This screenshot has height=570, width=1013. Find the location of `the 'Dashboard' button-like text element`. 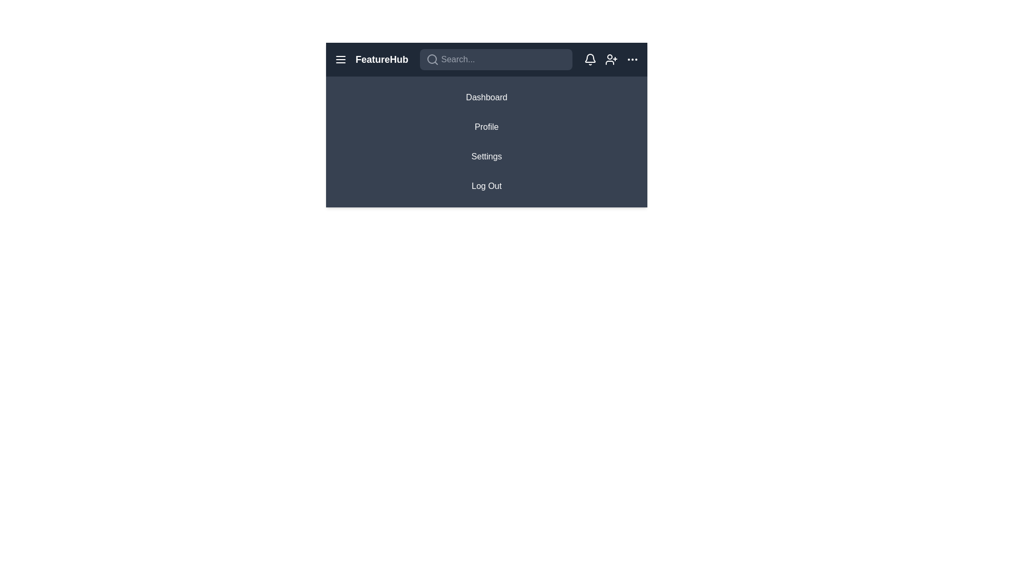

the 'Dashboard' button-like text element is located at coordinates (486, 98).